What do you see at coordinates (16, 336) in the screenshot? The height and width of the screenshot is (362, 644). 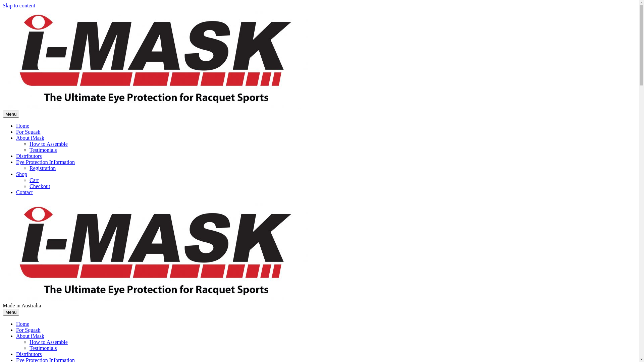 I see `'About iMask'` at bounding box center [16, 336].